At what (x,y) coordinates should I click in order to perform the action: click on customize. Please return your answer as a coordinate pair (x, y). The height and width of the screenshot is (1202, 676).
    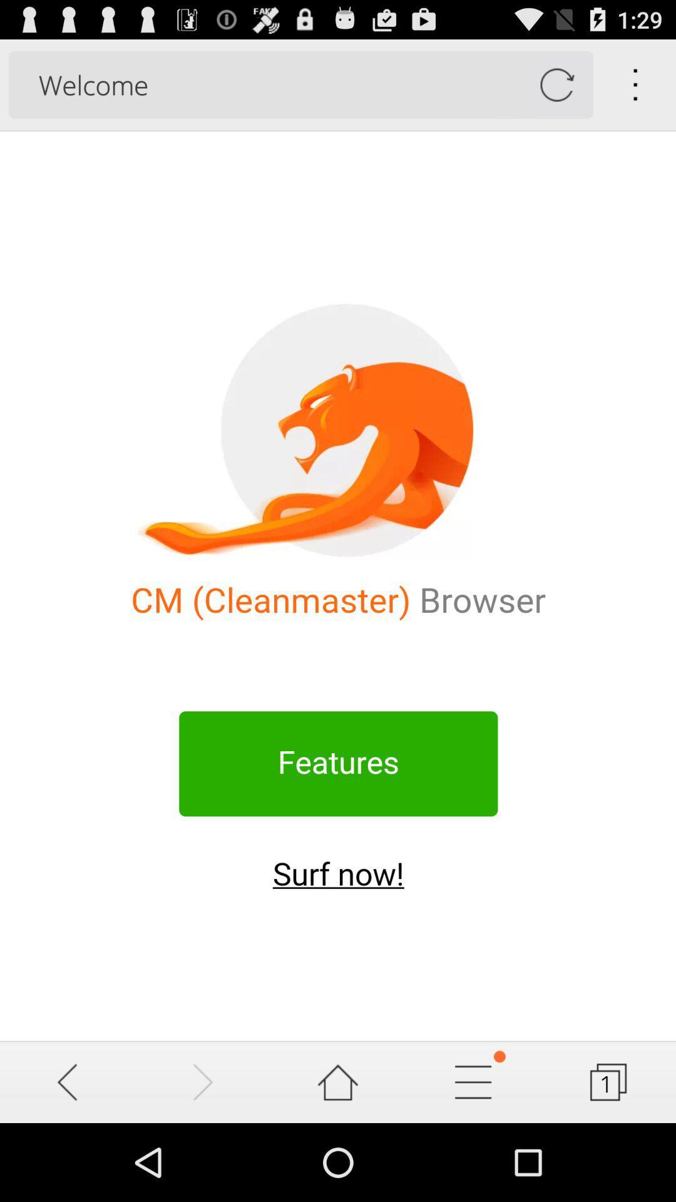
    Looking at the image, I should click on (473, 1081).